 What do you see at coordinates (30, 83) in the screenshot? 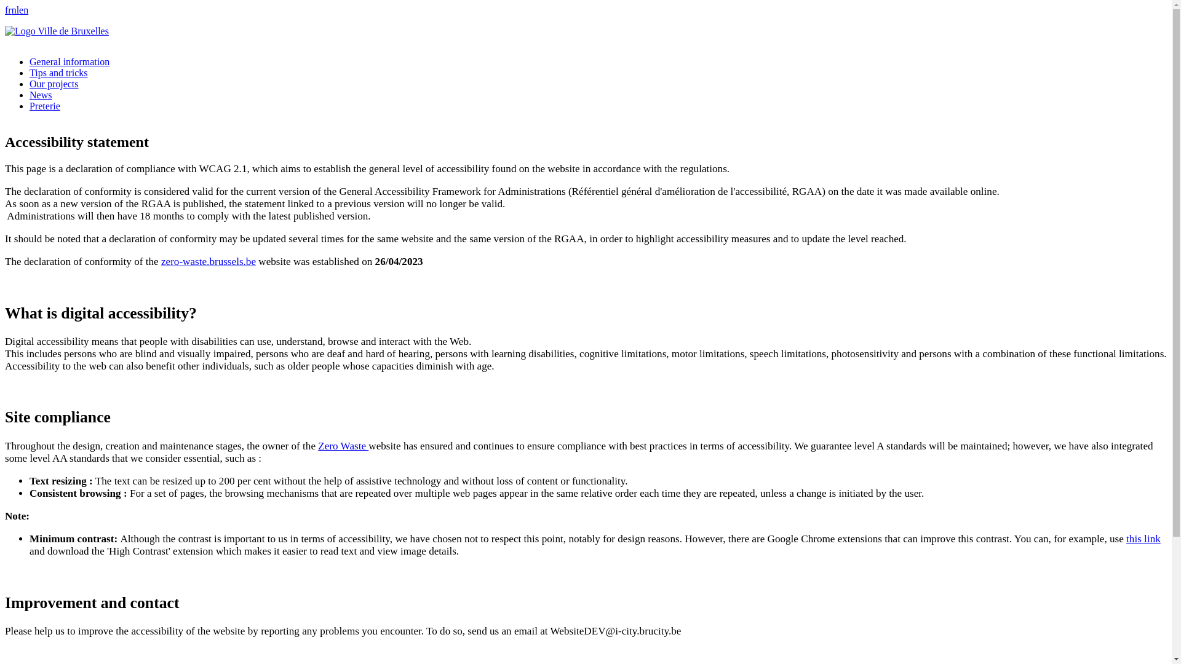
I see `'Our projects'` at bounding box center [30, 83].